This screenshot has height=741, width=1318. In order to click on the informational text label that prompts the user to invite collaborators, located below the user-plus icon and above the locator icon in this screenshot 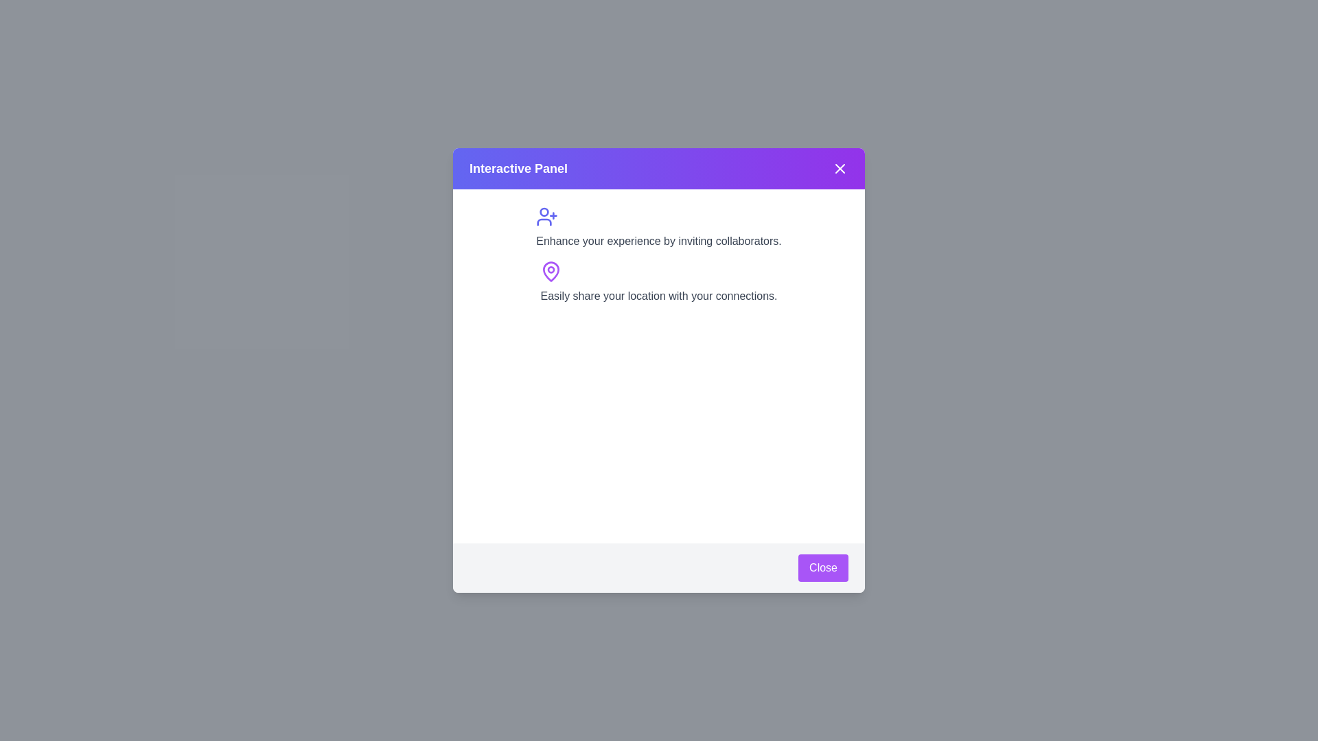, I will do `click(659, 240)`.